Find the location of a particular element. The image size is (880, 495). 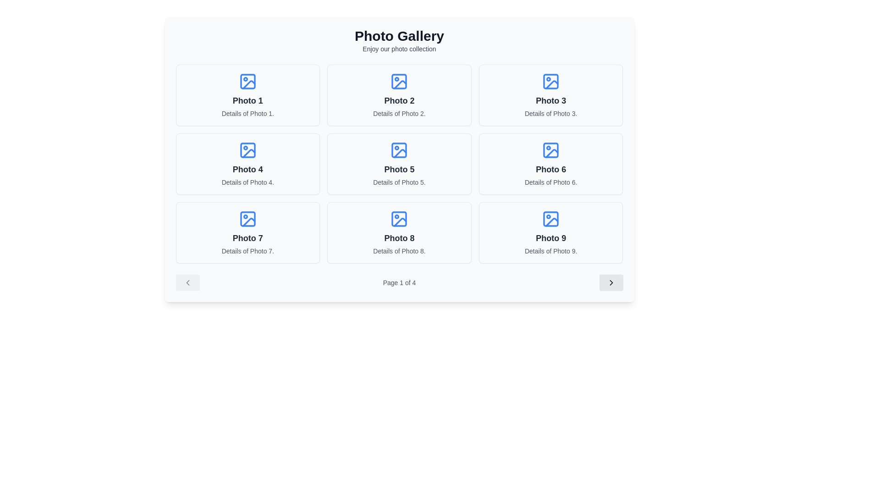

the Content Card that features a bold title 'Photo 3' and descriptive text 'Details of Photo 3.', located in the top-right section of a 3x3 grid layout as the third item in the first row is located at coordinates (550, 95).